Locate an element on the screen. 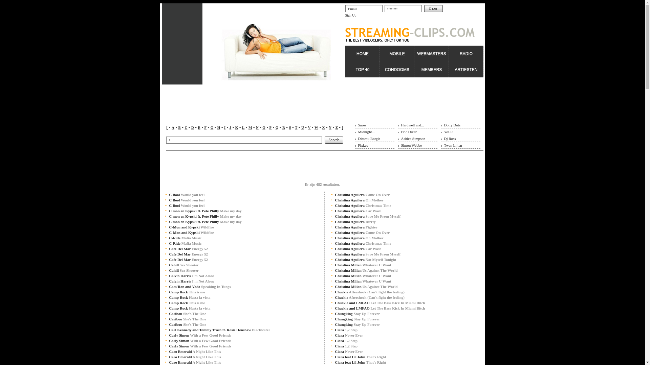  'Calvin Harris I'm Not Alone' is located at coordinates (191, 281).